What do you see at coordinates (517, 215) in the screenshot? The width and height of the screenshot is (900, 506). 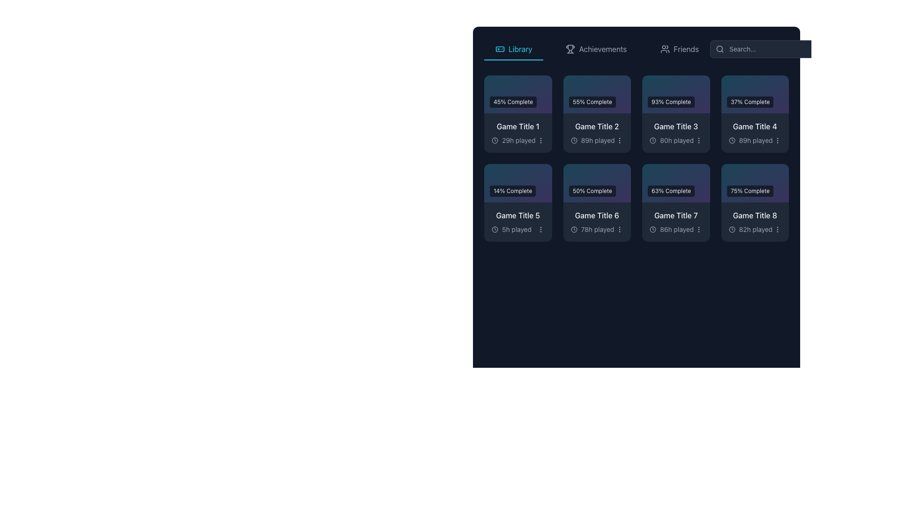 I see `the title text label of the game card located in the second row and first column of the grid` at bounding box center [517, 215].